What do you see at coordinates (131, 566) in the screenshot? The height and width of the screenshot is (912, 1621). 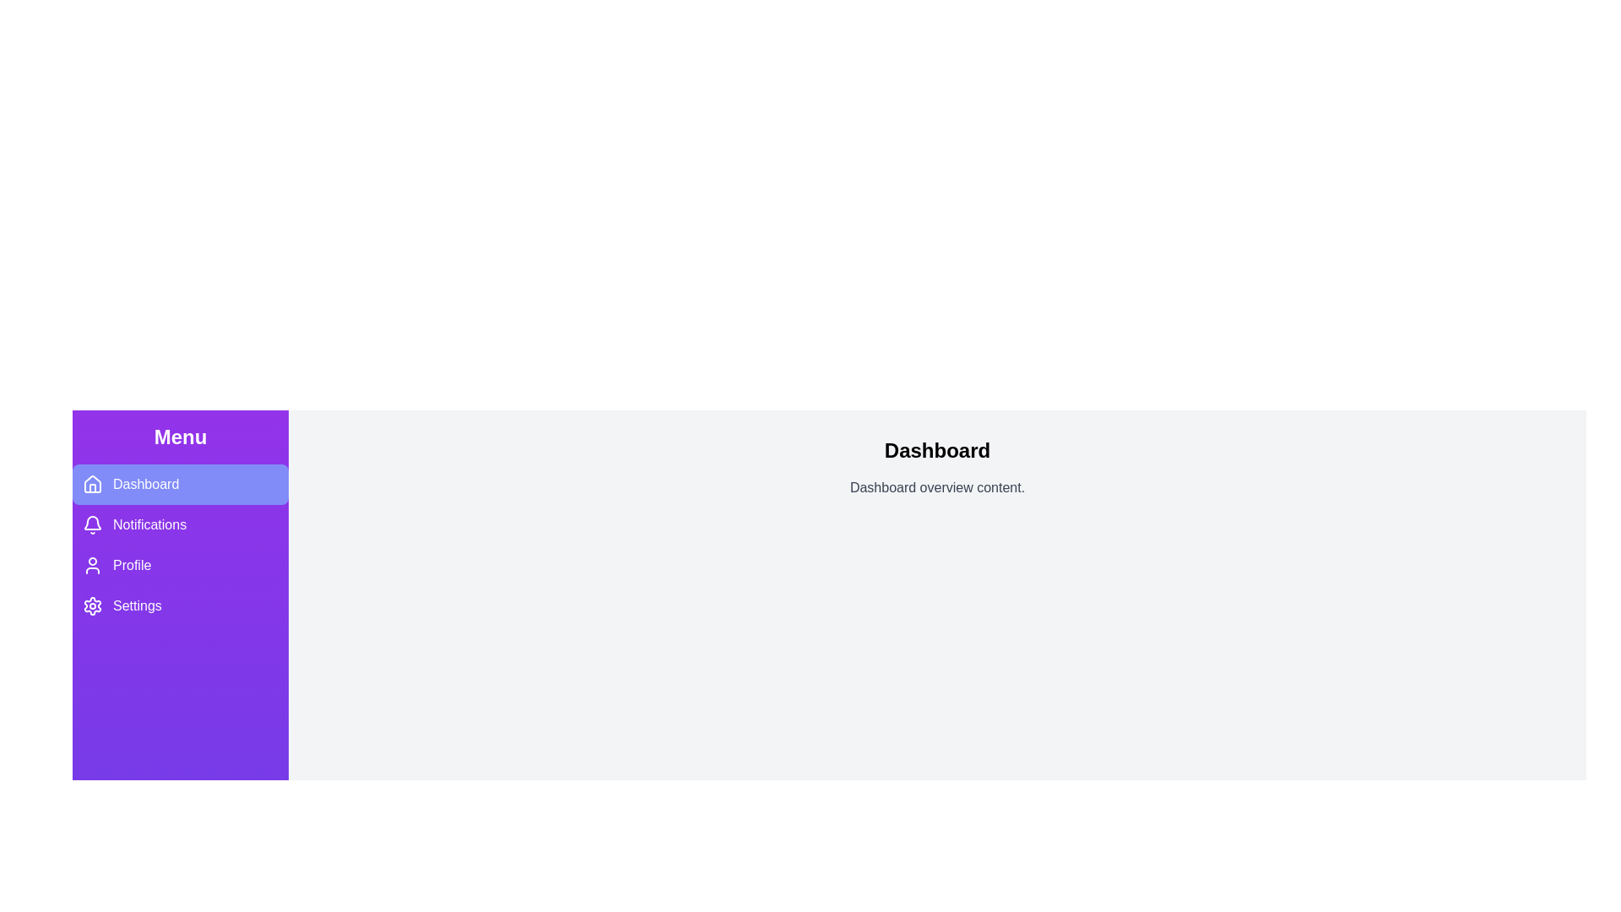 I see `the 'Profile' text label in the third menu item of the sidebar` at bounding box center [131, 566].